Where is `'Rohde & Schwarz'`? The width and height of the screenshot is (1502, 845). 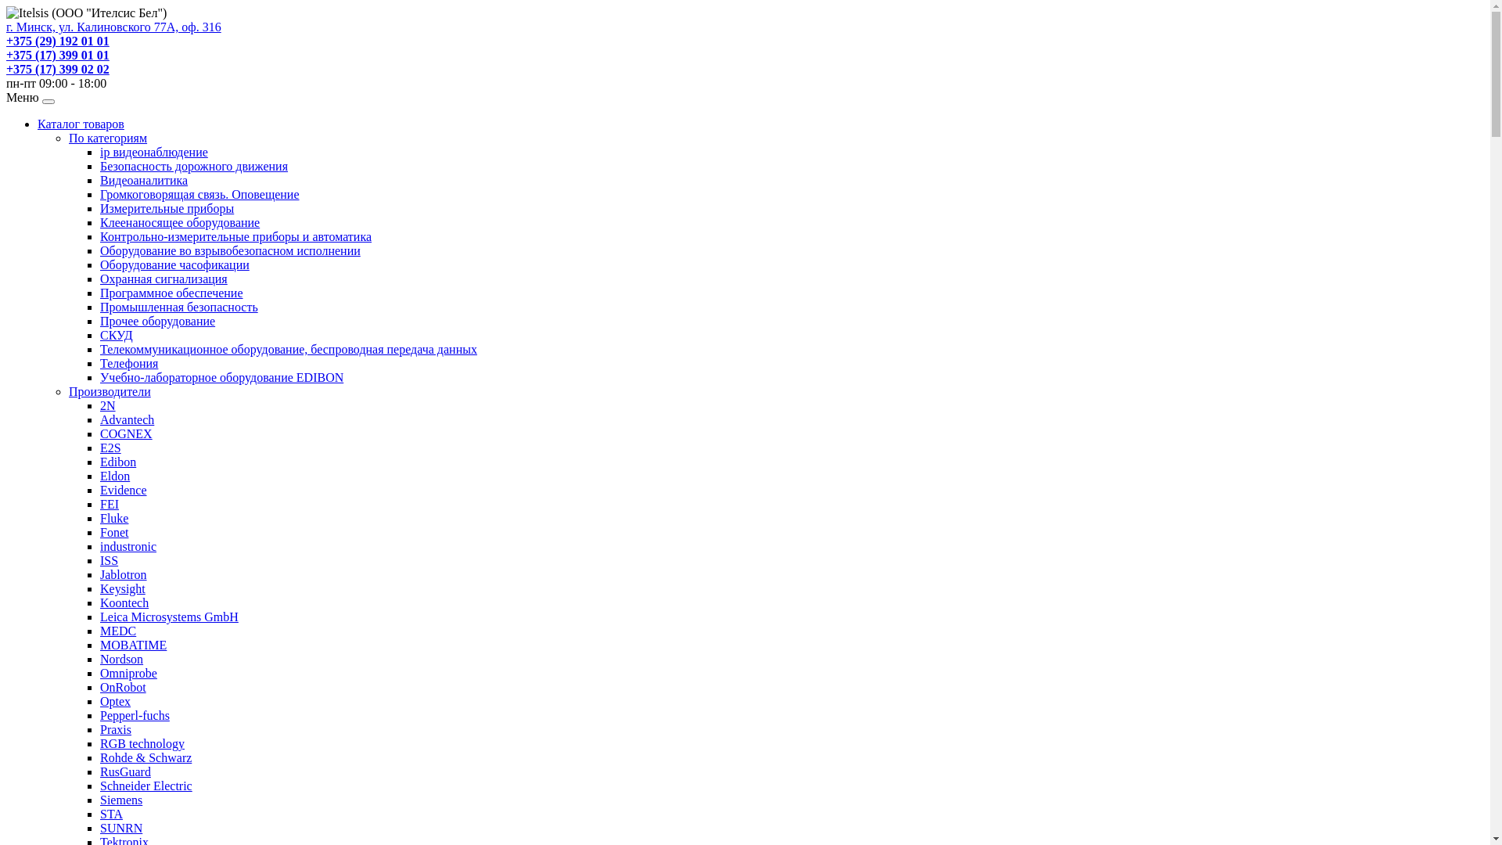 'Rohde & Schwarz' is located at coordinates (146, 757).